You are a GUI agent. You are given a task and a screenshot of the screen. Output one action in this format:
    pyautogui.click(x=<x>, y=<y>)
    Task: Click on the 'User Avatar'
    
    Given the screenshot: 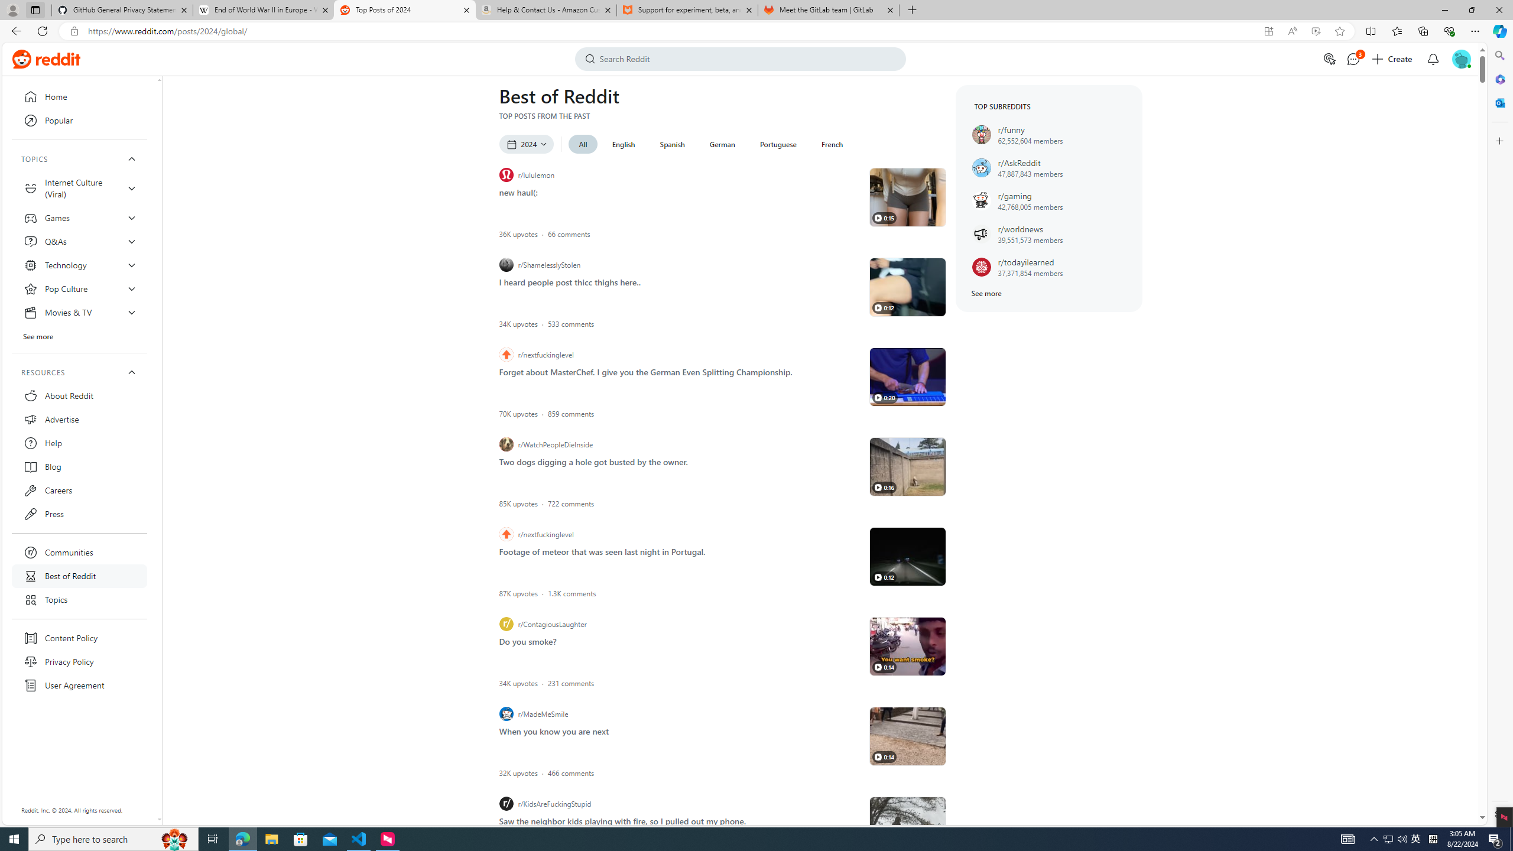 What is the action you would take?
    pyautogui.click(x=1460, y=59)
    